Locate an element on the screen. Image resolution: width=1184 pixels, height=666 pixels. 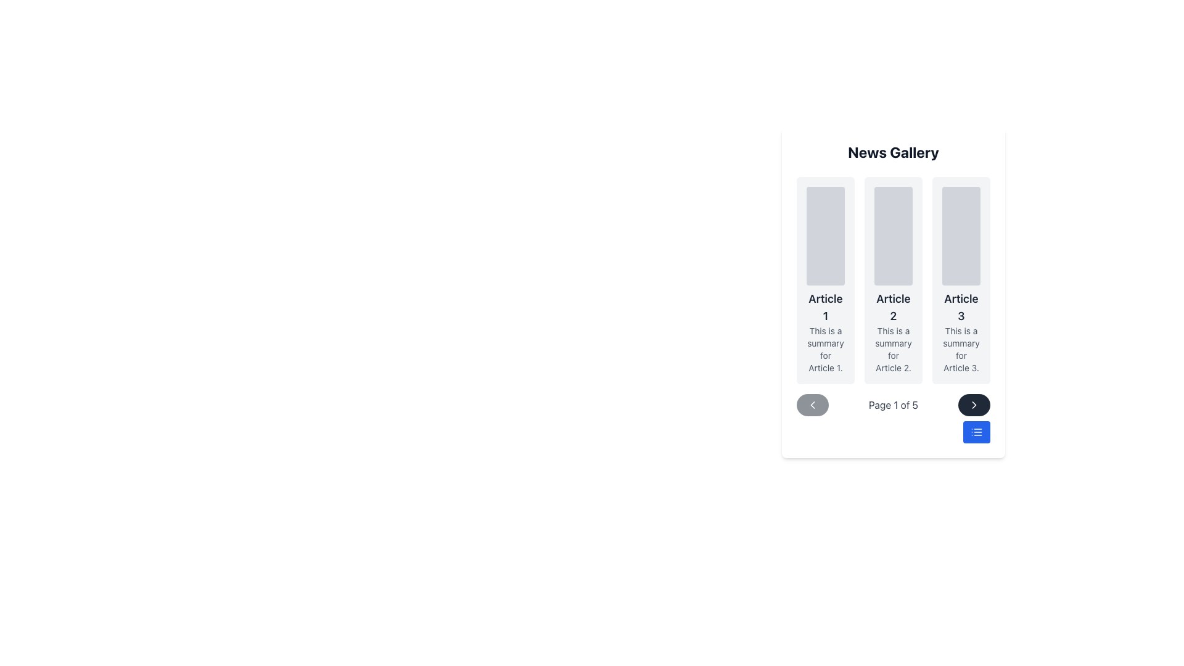
the gray button with a rounded border and a left arrow icon, located beneath the list of articles is located at coordinates (813, 405).